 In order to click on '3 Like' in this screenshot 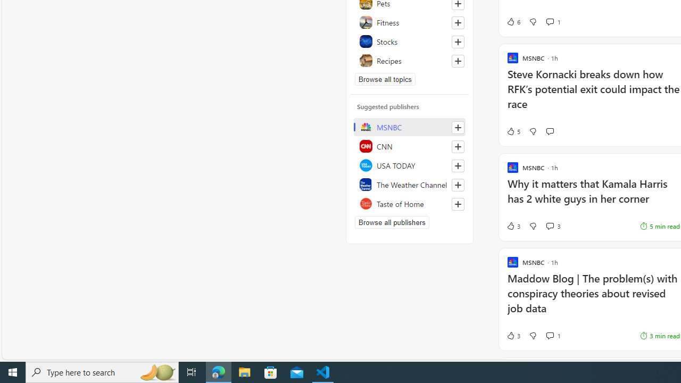, I will do `click(513, 336)`.